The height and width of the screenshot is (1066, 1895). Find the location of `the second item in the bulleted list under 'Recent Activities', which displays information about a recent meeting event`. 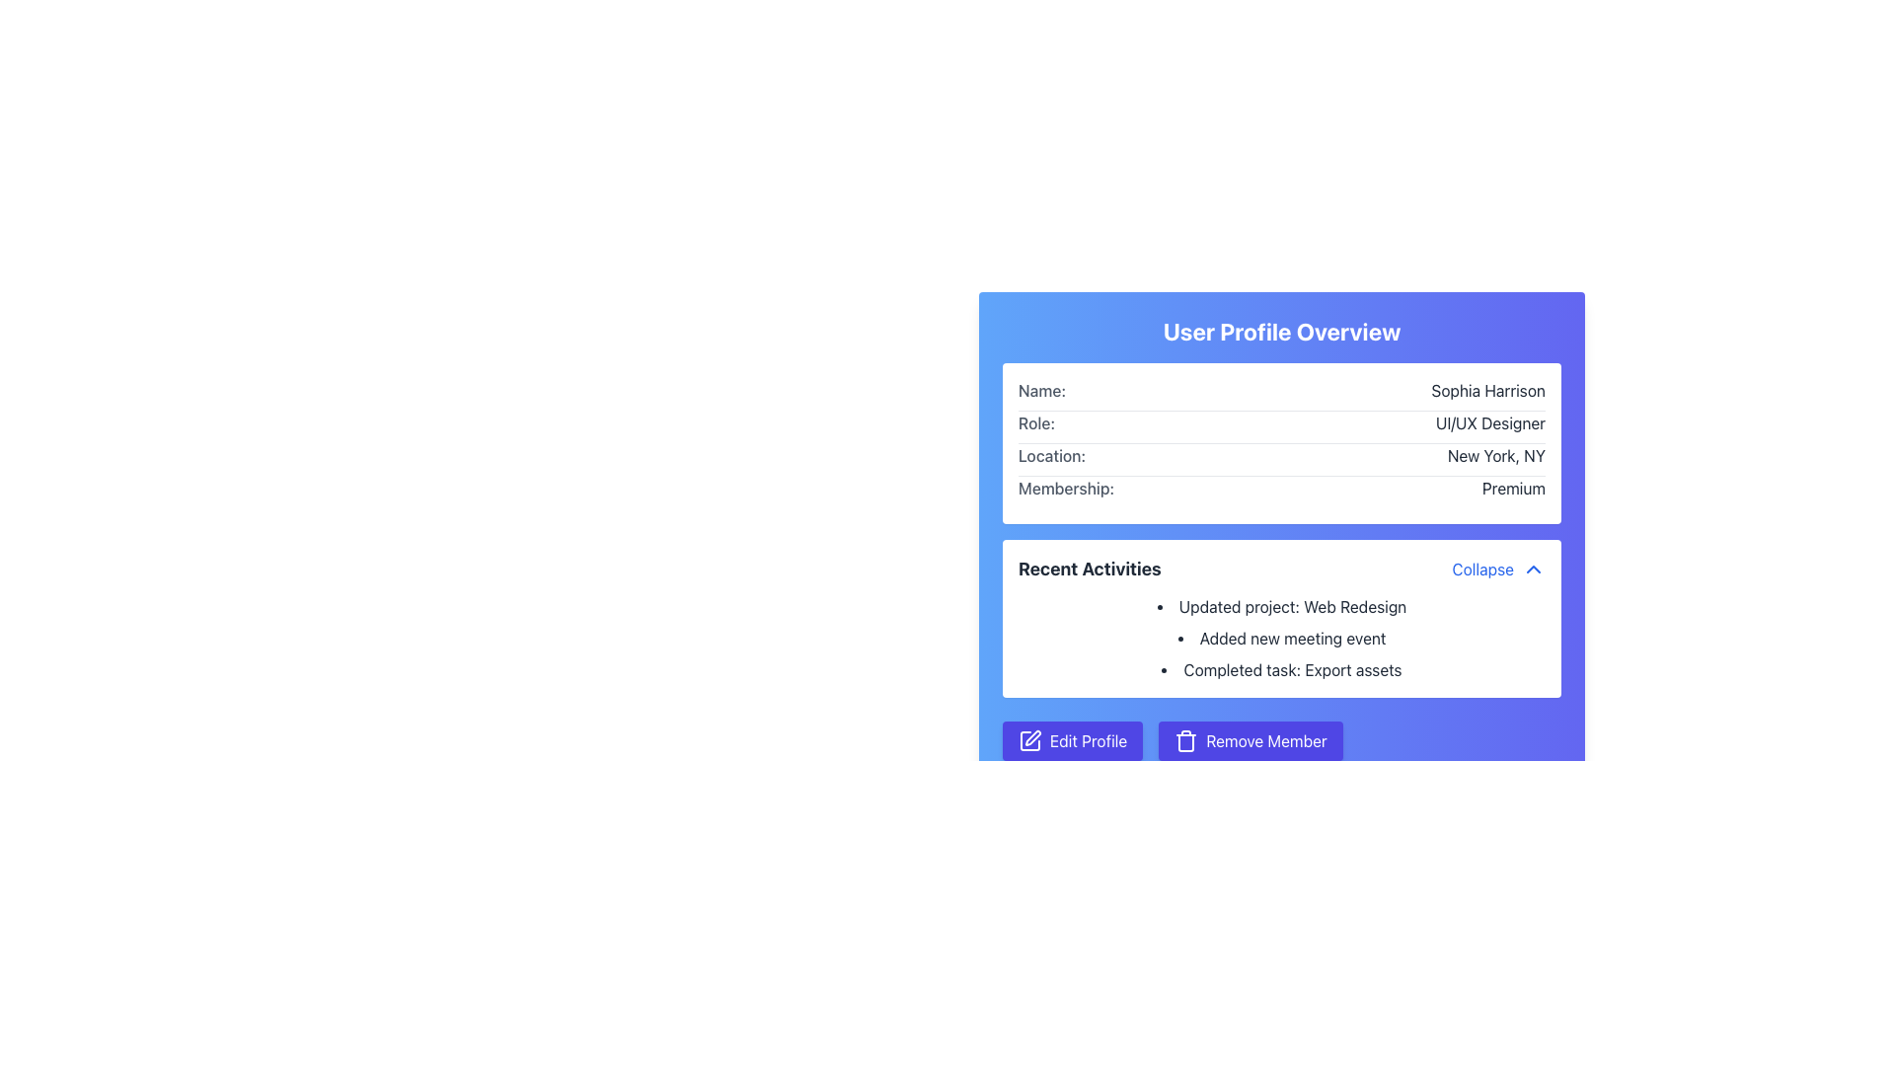

the second item in the bulleted list under 'Recent Activities', which displays information about a recent meeting event is located at coordinates (1282, 639).